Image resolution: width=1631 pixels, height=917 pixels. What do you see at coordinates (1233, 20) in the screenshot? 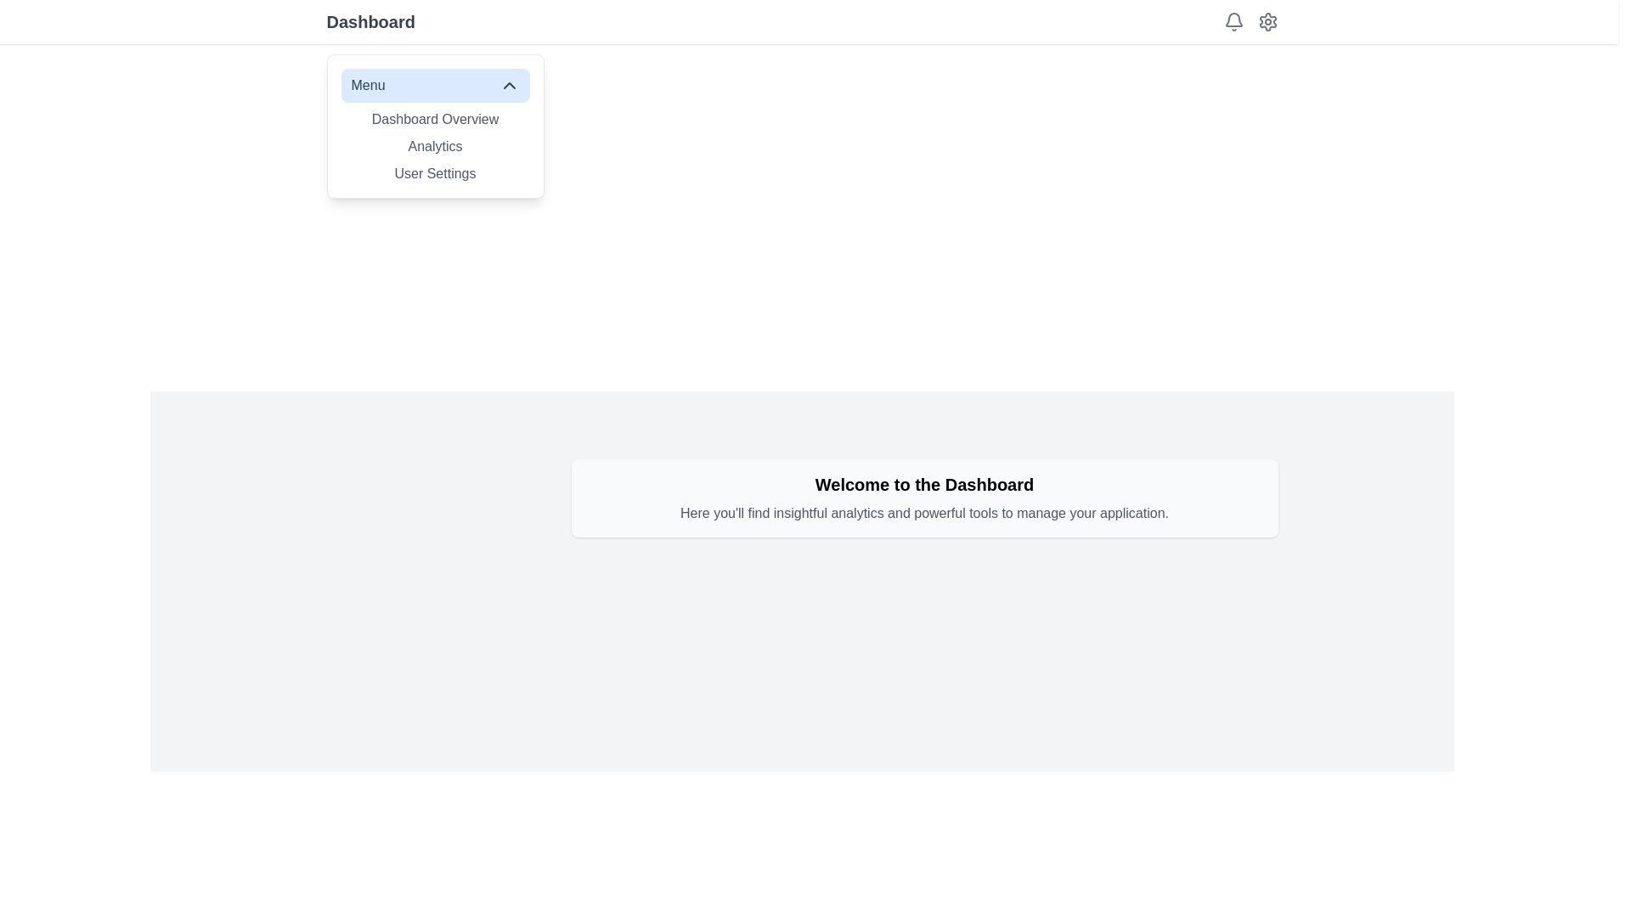
I see `the bell icon used for notifications located at the top-right corner of the interface` at bounding box center [1233, 20].